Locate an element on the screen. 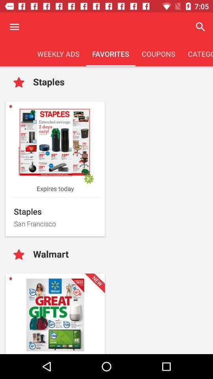 The height and width of the screenshot is (379, 213). like is located at coordinates (21, 255).